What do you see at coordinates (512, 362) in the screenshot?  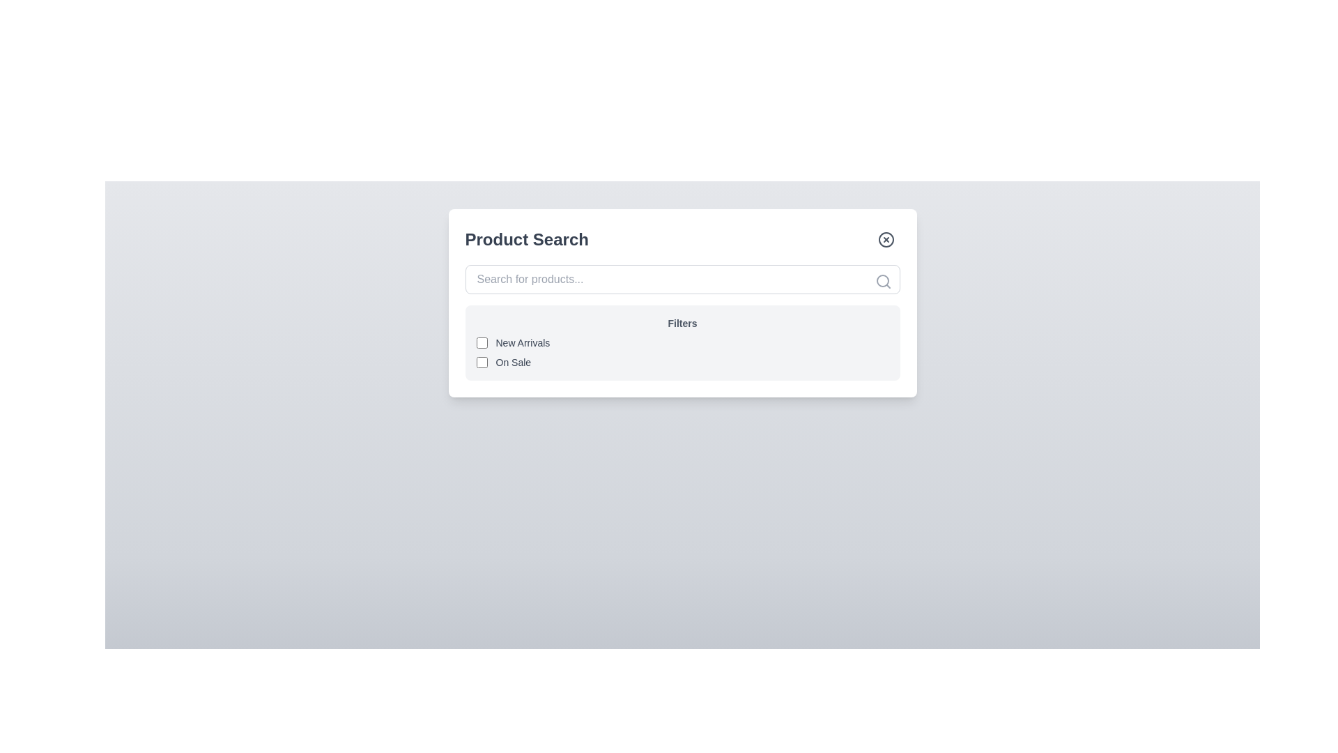 I see `the 'On Sale' label which is styled in small gray font and positioned to the right of a checkbox within the filter options section under the 'Product Search' header` at bounding box center [512, 362].